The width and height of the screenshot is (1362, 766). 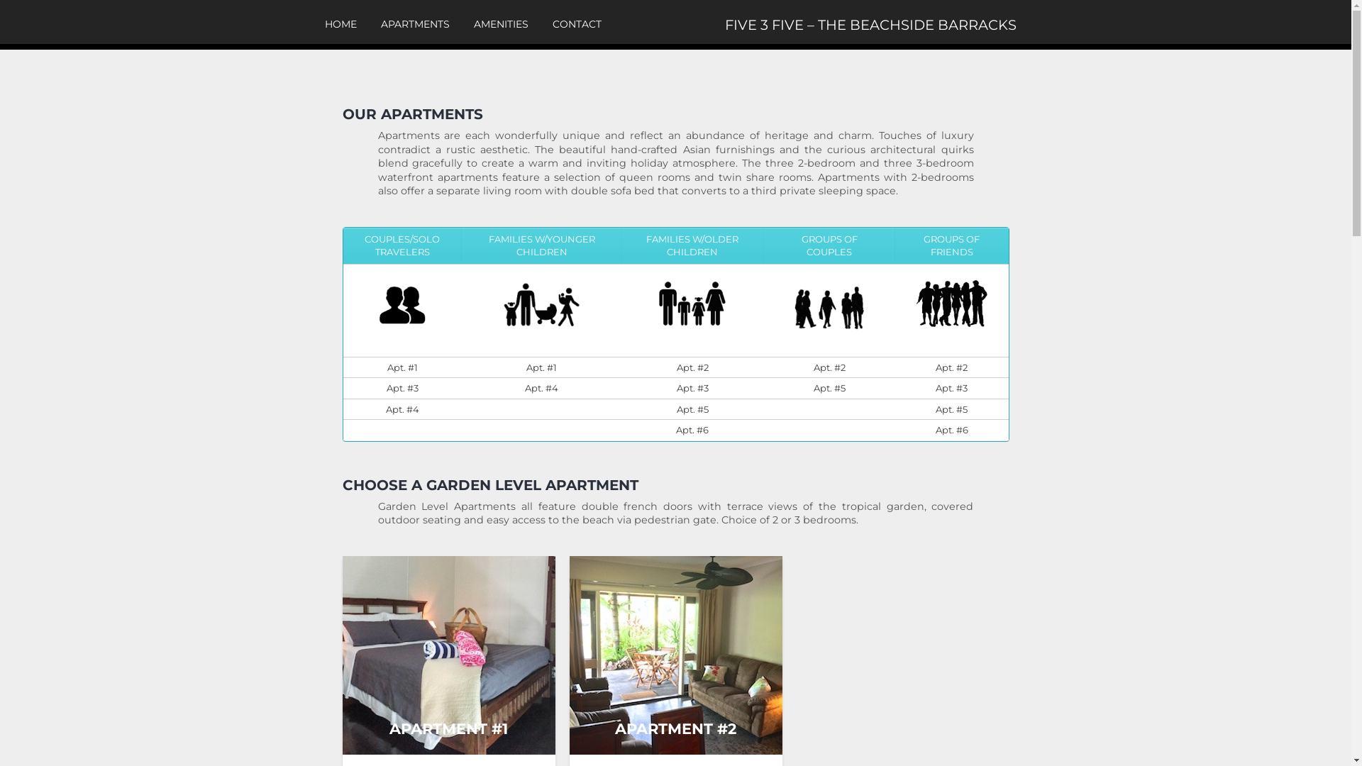 I want to click on 'AMENITIES', so click(x=501, y=24).